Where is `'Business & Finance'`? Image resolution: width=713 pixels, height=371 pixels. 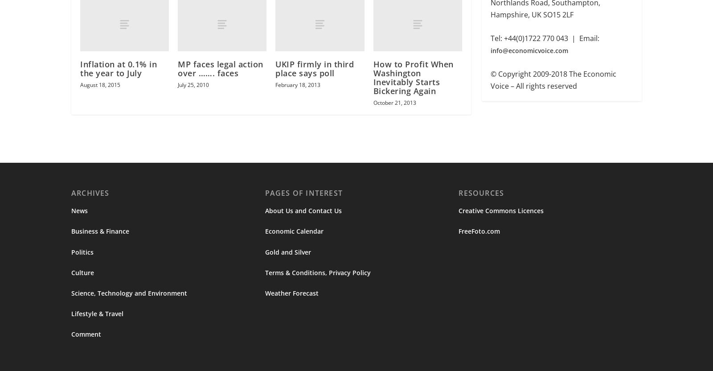
'Business & Finance' is located at coordinates (100, 232).